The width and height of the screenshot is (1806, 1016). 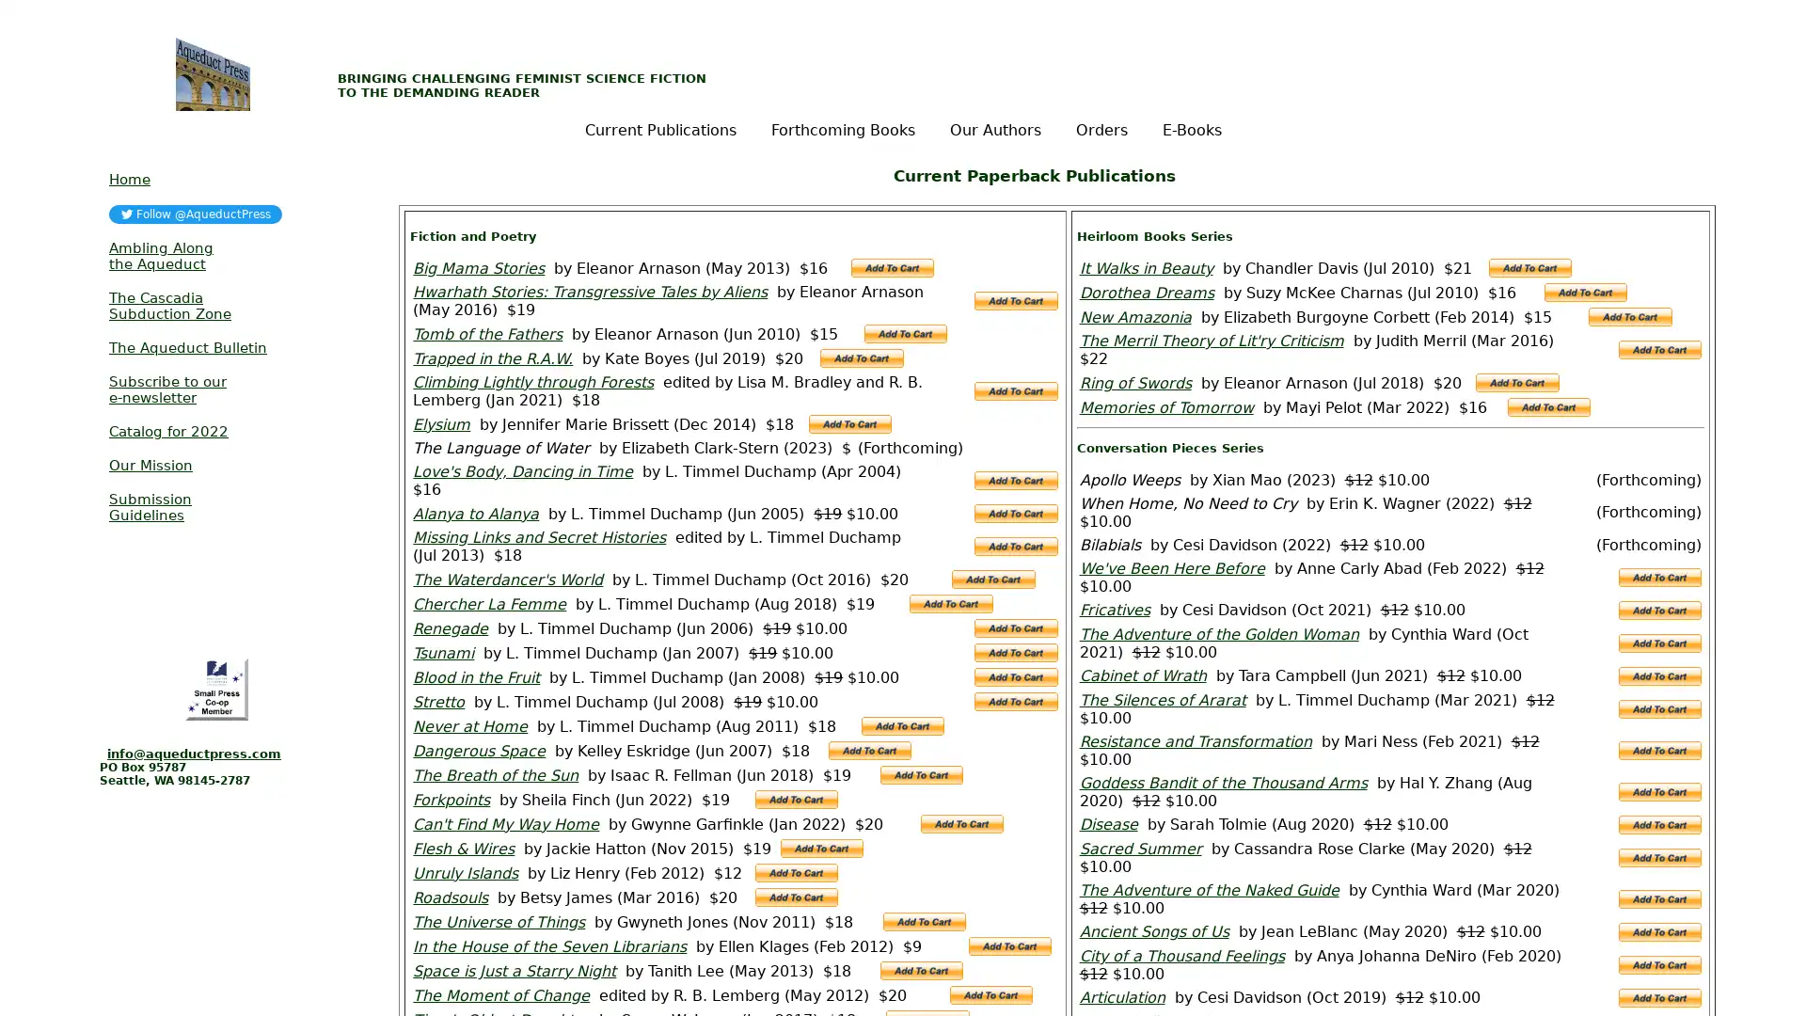 I want to click on Make payments with PayPal - it\'s fast, free and secure!, so click(x=1659, y=822).